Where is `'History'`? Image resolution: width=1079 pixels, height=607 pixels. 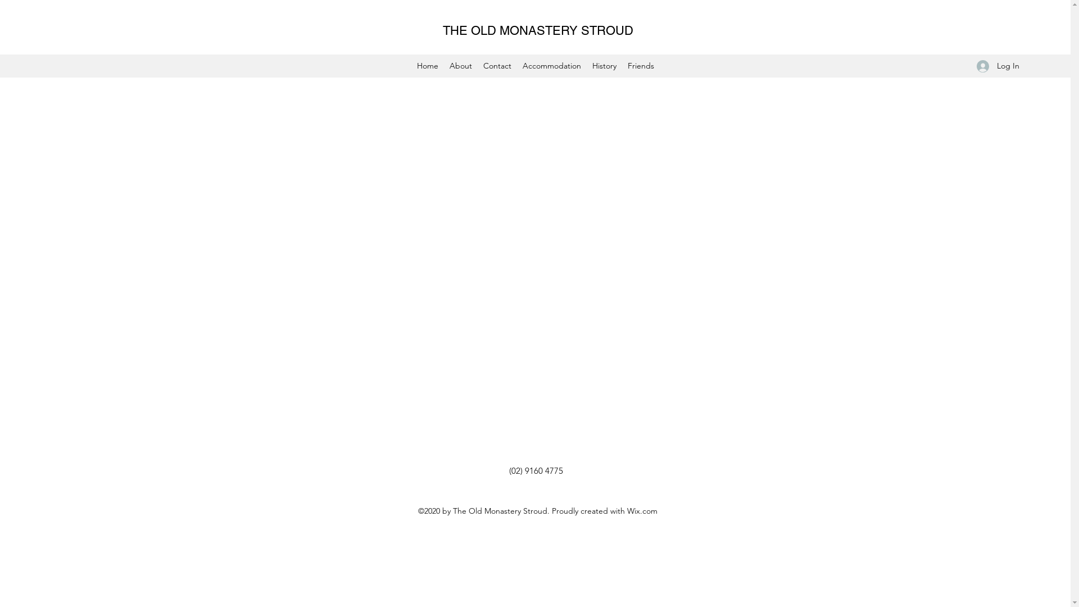 'History' is located at coordinates (604, 66).